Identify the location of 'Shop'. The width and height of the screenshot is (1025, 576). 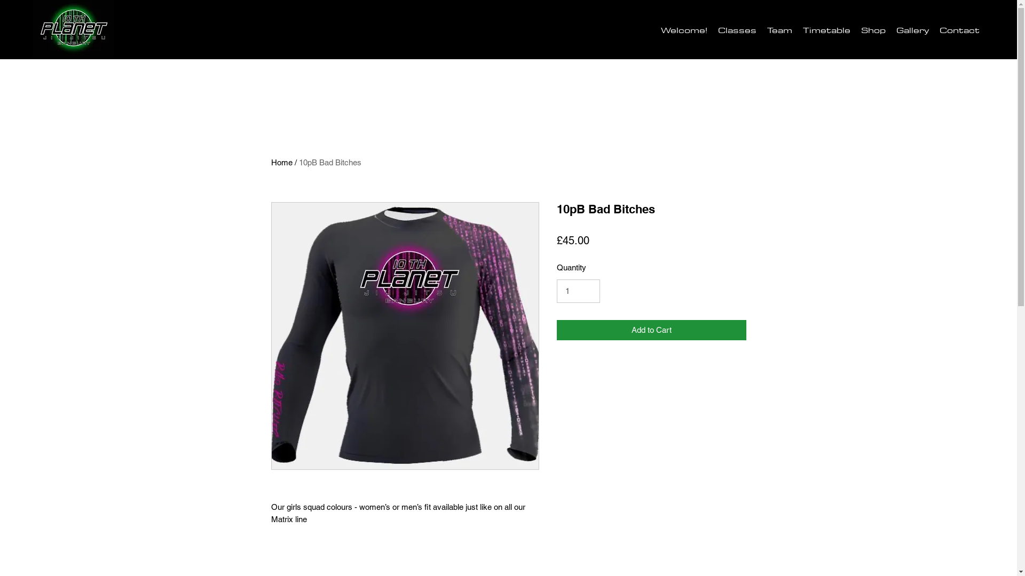
(873, 28).